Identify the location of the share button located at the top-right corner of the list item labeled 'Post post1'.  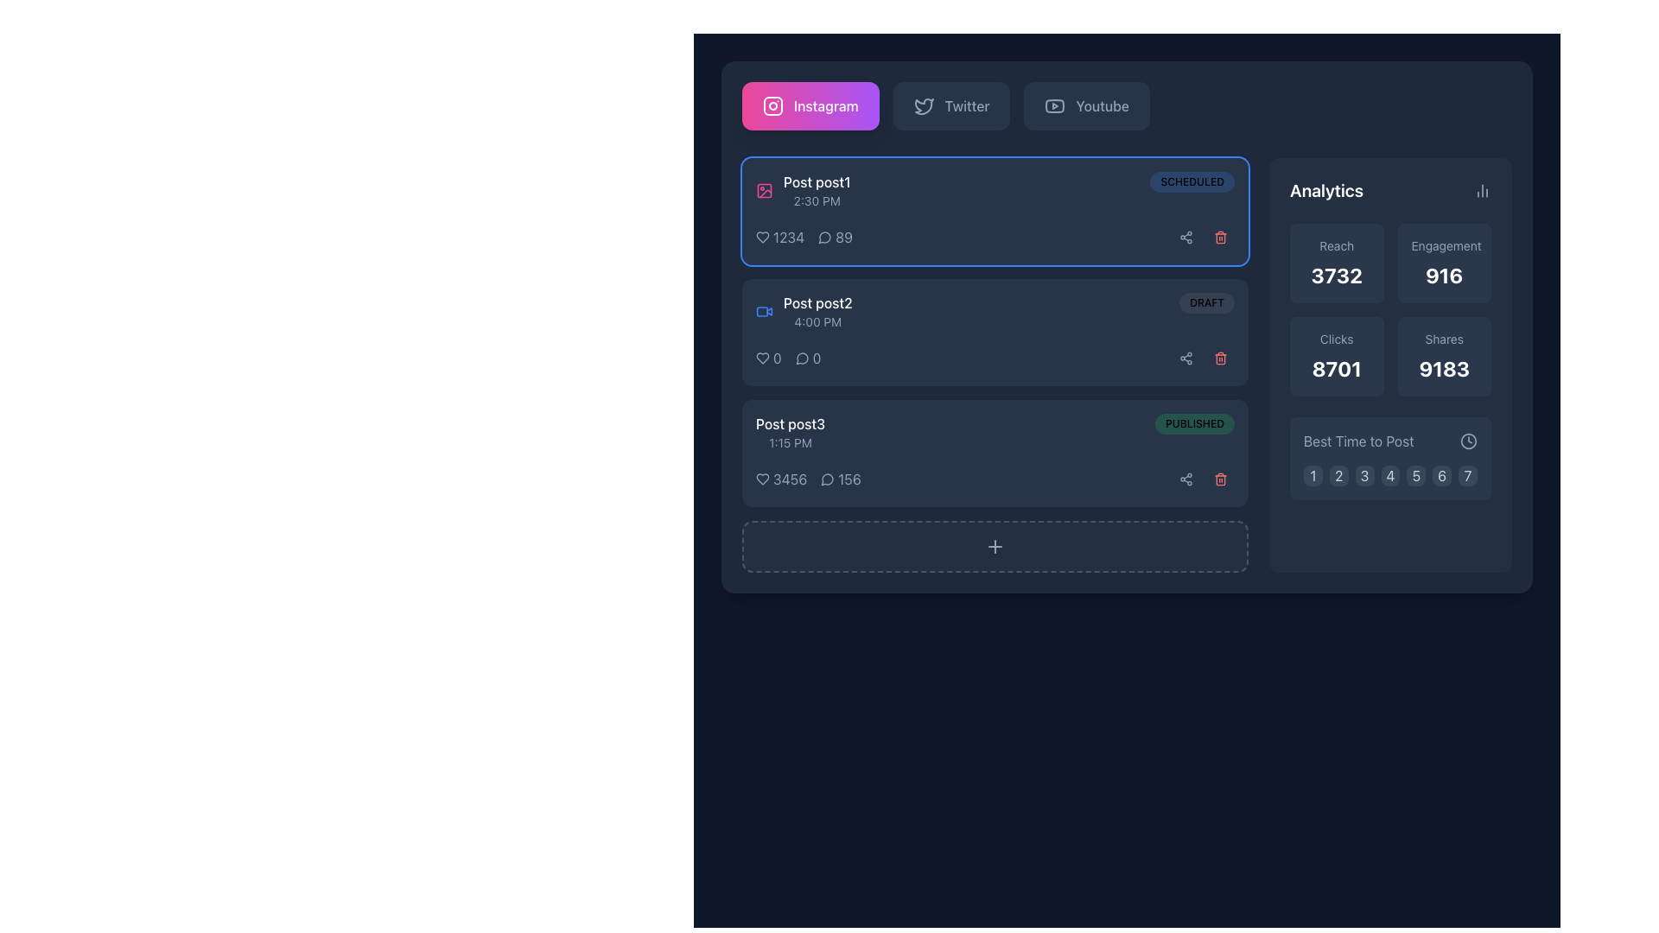
(1185, 237).